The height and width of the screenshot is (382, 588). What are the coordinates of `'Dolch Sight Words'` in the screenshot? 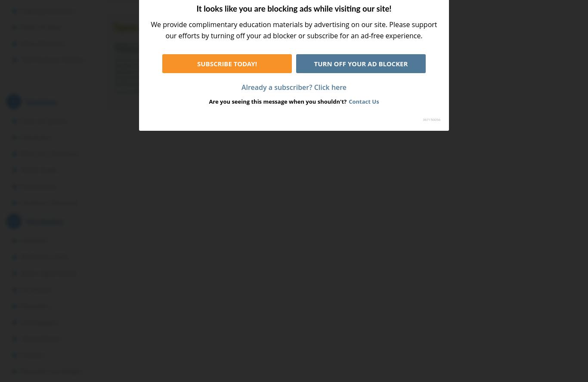 It's located at (48, 273).